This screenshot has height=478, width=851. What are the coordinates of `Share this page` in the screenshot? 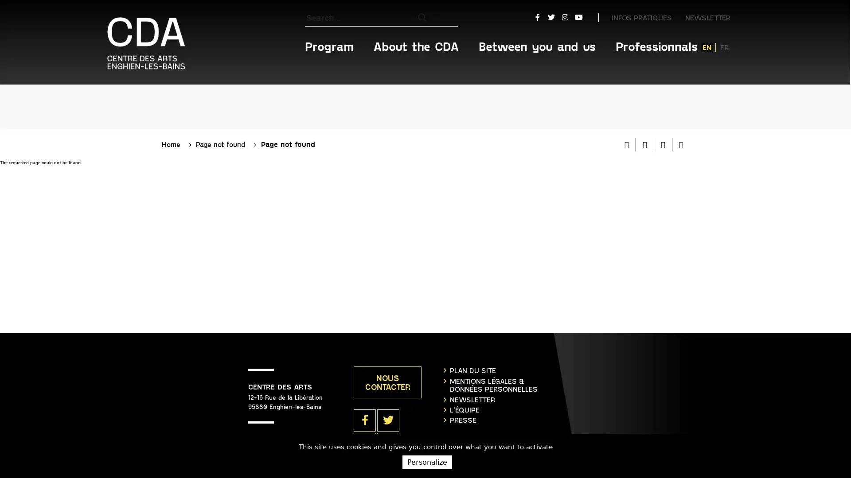 It's located at (680, 87).